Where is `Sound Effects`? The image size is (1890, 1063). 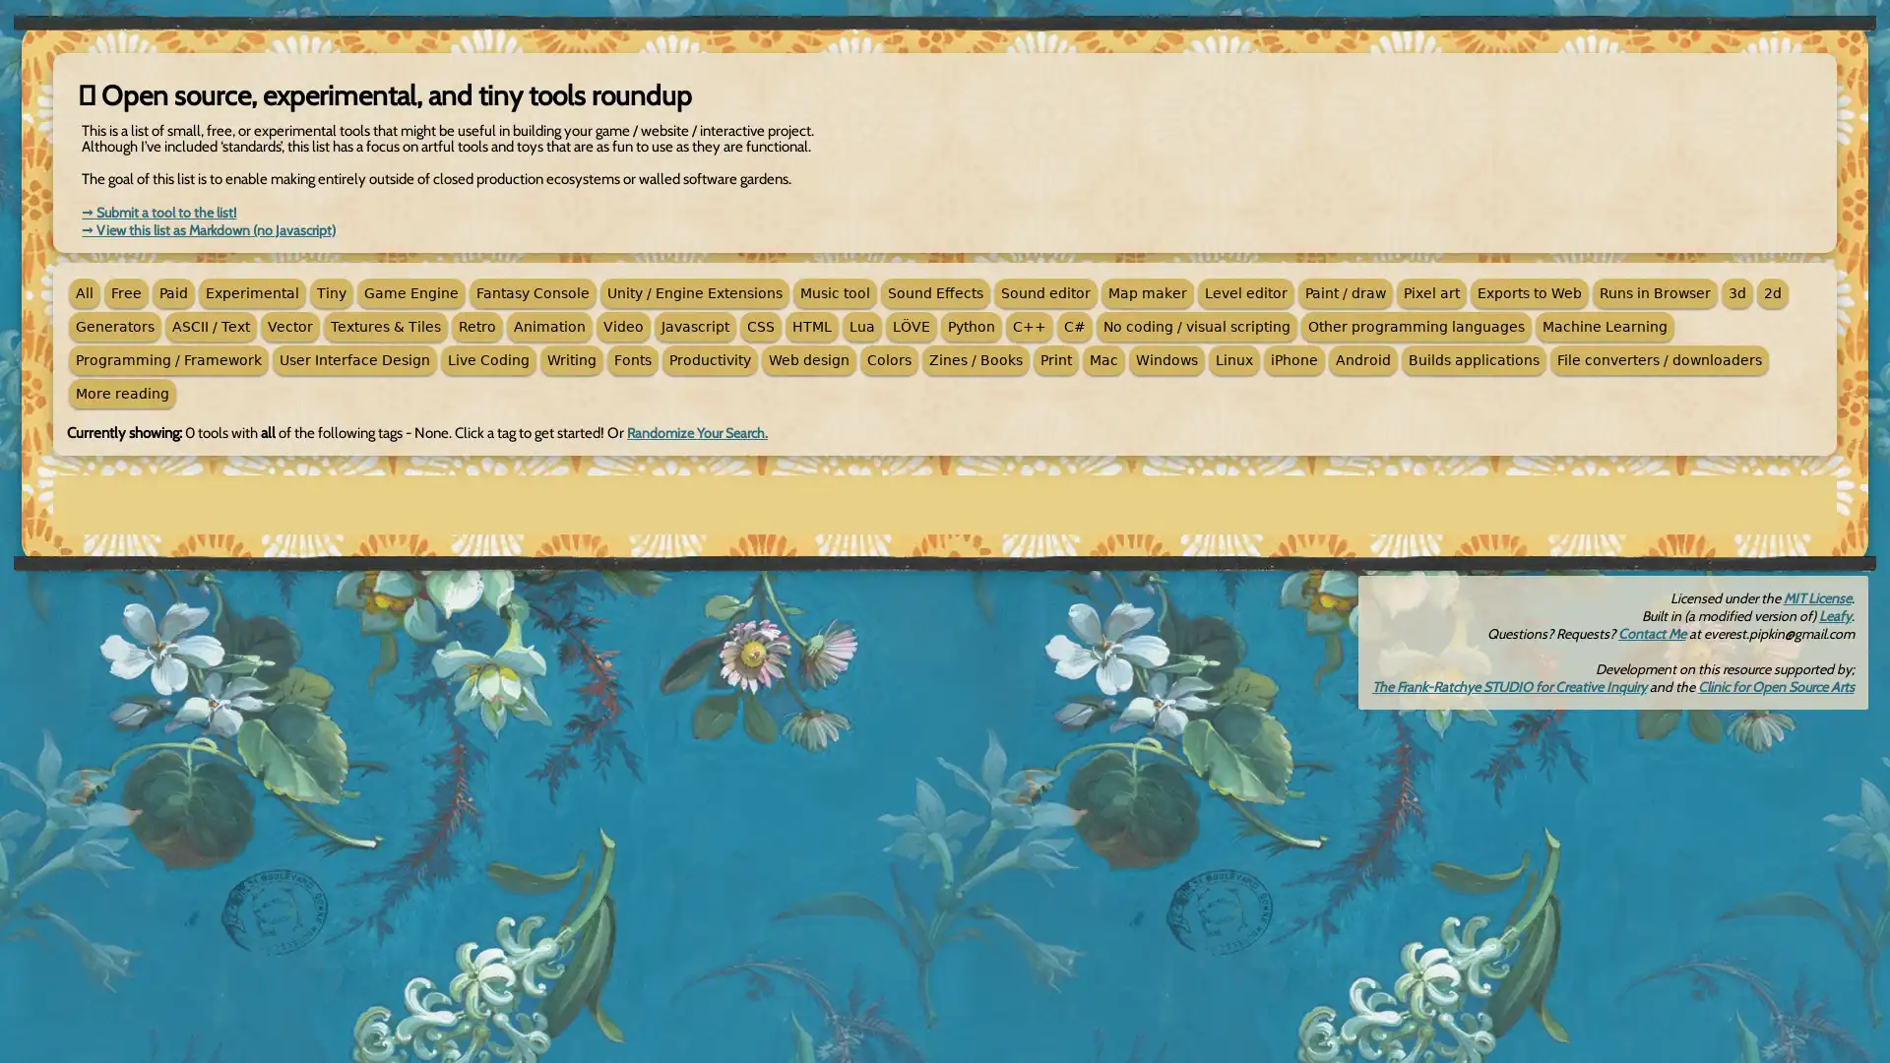 Sound Effects is located at coordinates (934, 292).